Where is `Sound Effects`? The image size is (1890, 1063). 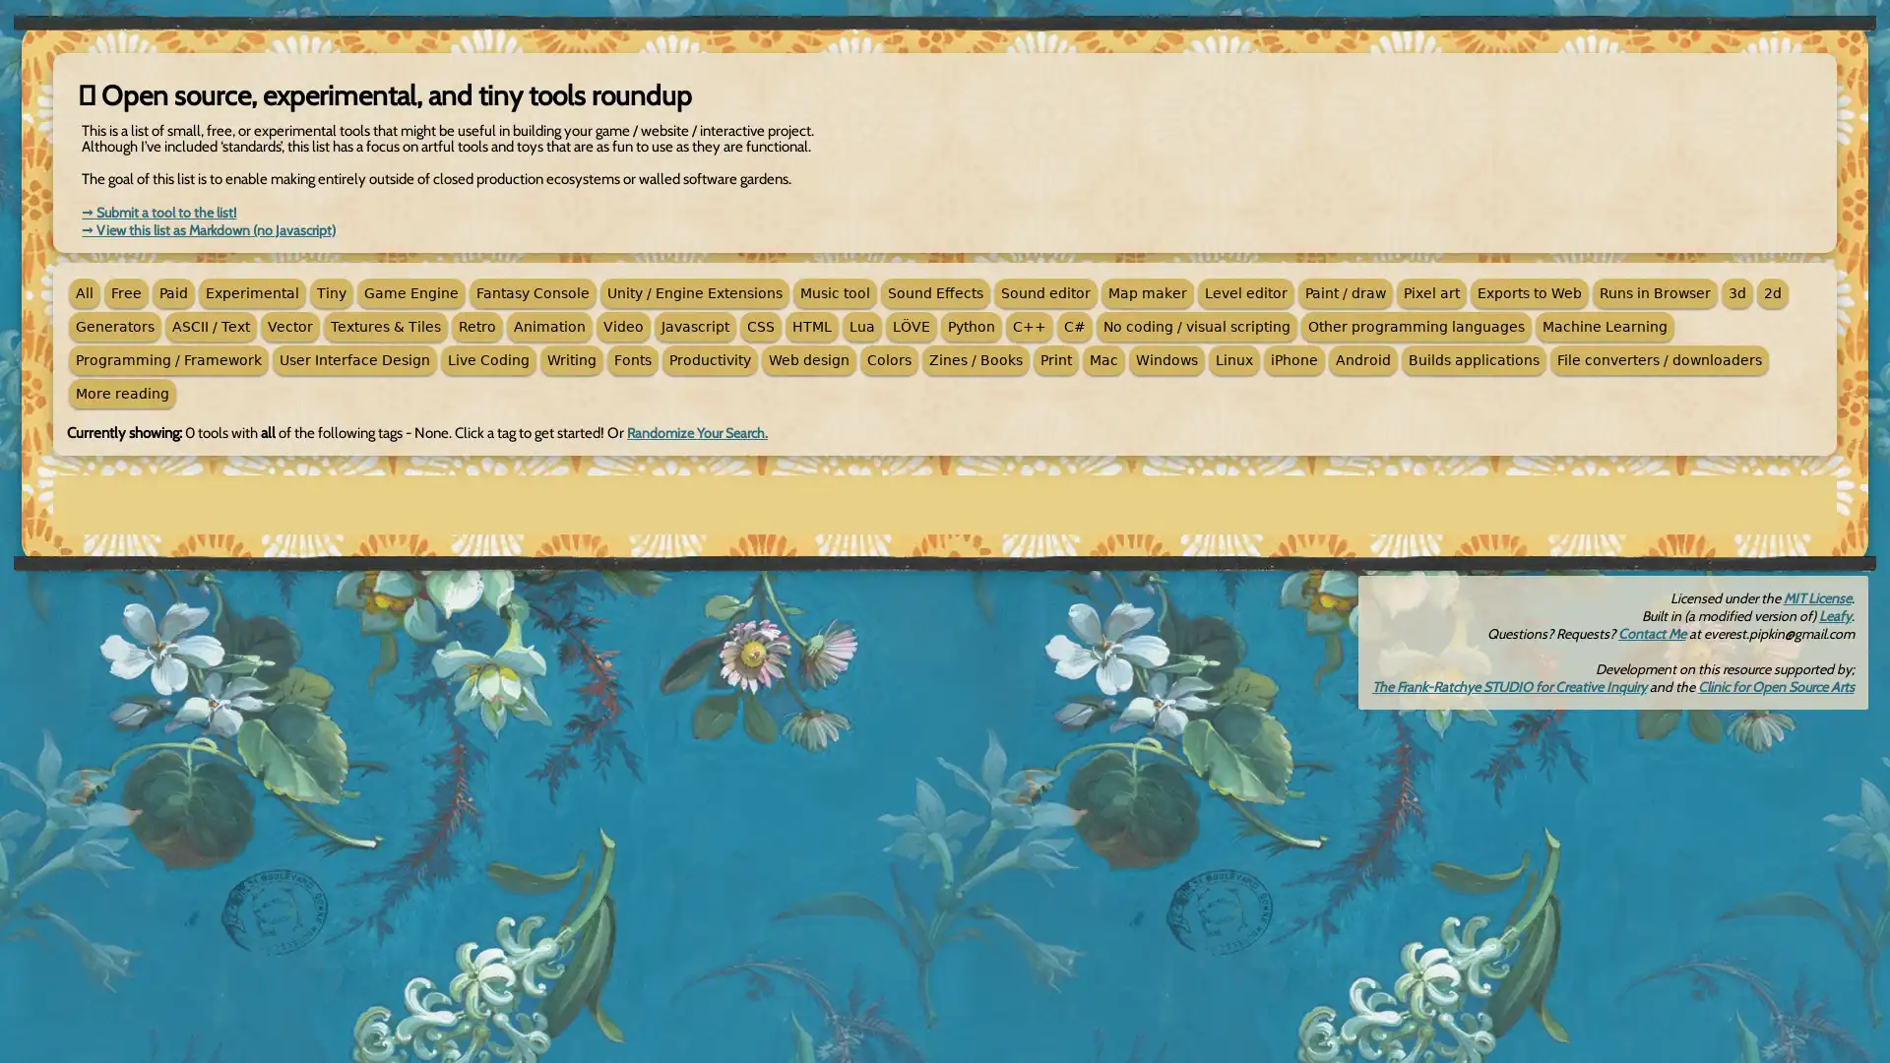 Sound Effects is located at coordinates (934, 292).